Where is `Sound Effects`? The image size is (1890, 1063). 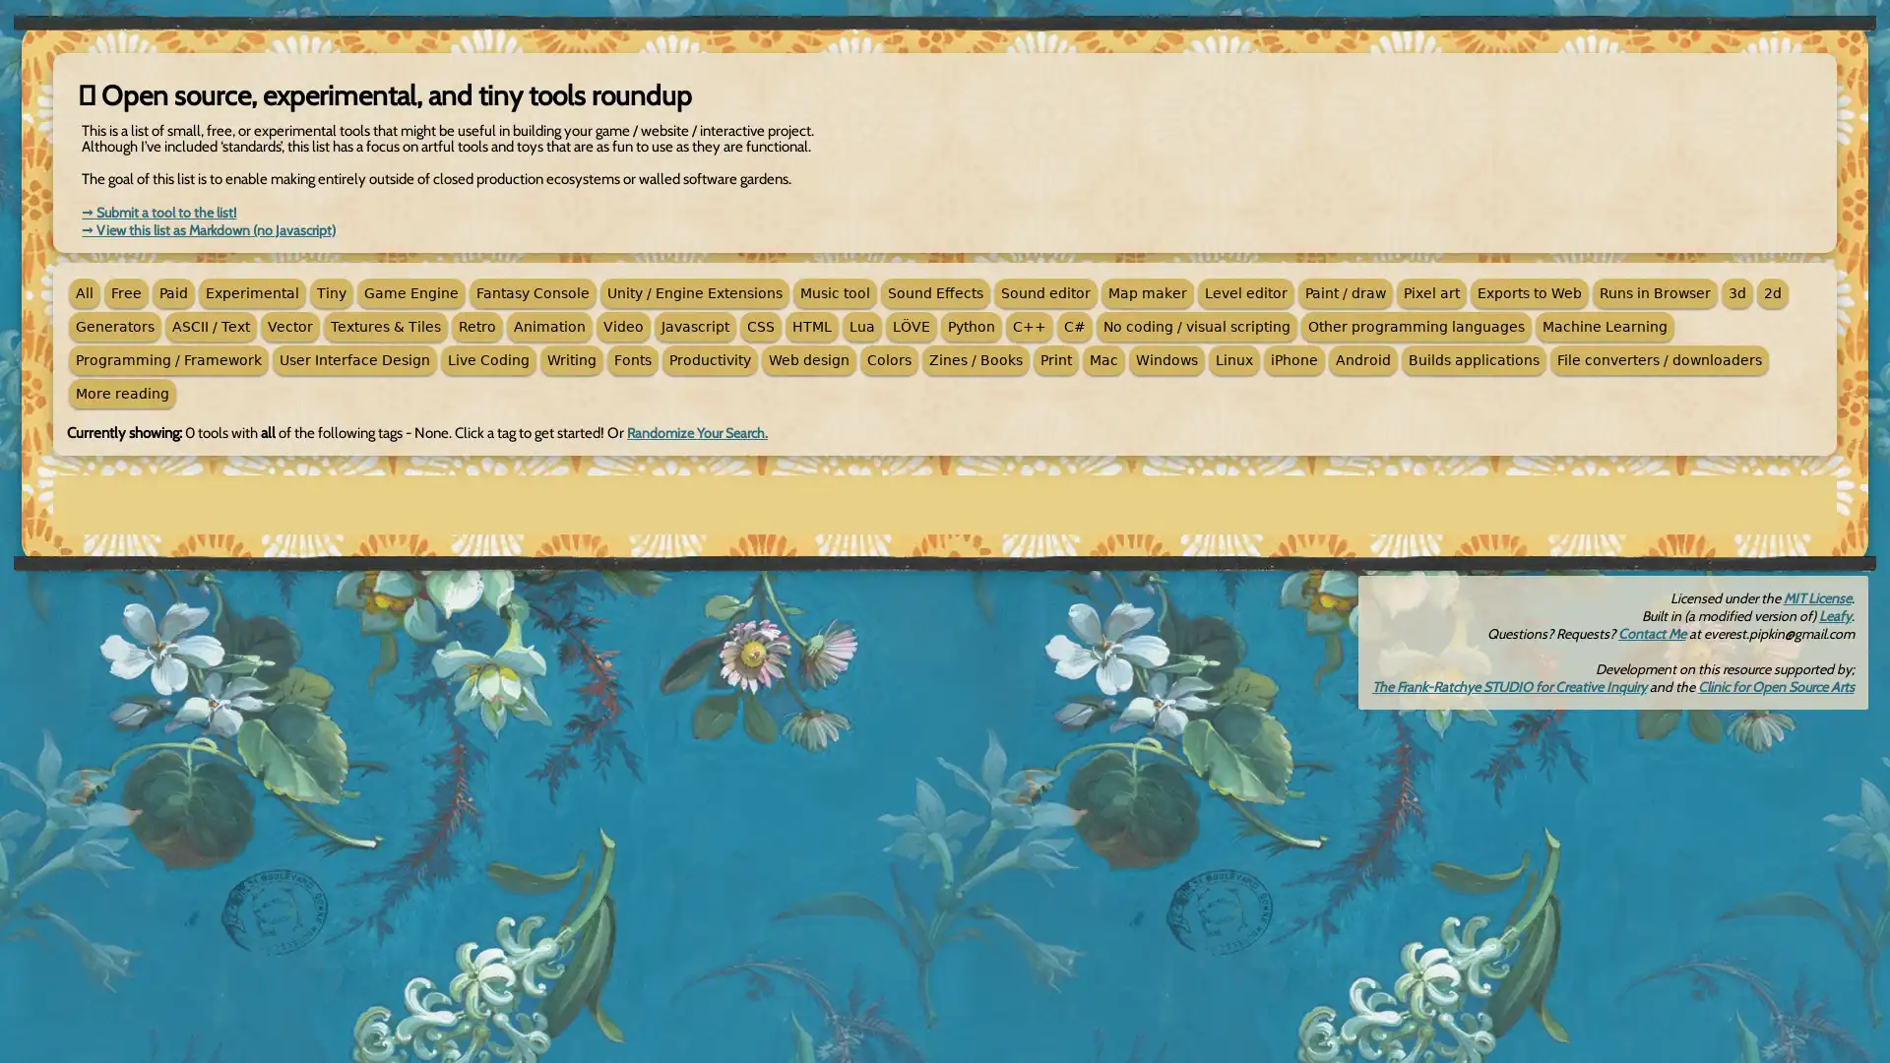 Sound Effects is located at coordinates (934, 292).